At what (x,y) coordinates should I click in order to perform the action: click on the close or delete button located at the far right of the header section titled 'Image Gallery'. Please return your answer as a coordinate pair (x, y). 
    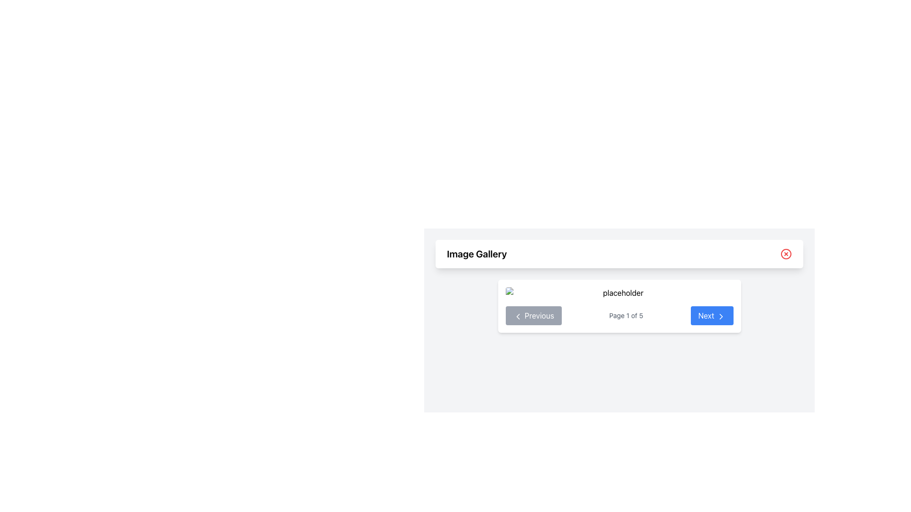
    Looking at the image, I should click on (786, 254).